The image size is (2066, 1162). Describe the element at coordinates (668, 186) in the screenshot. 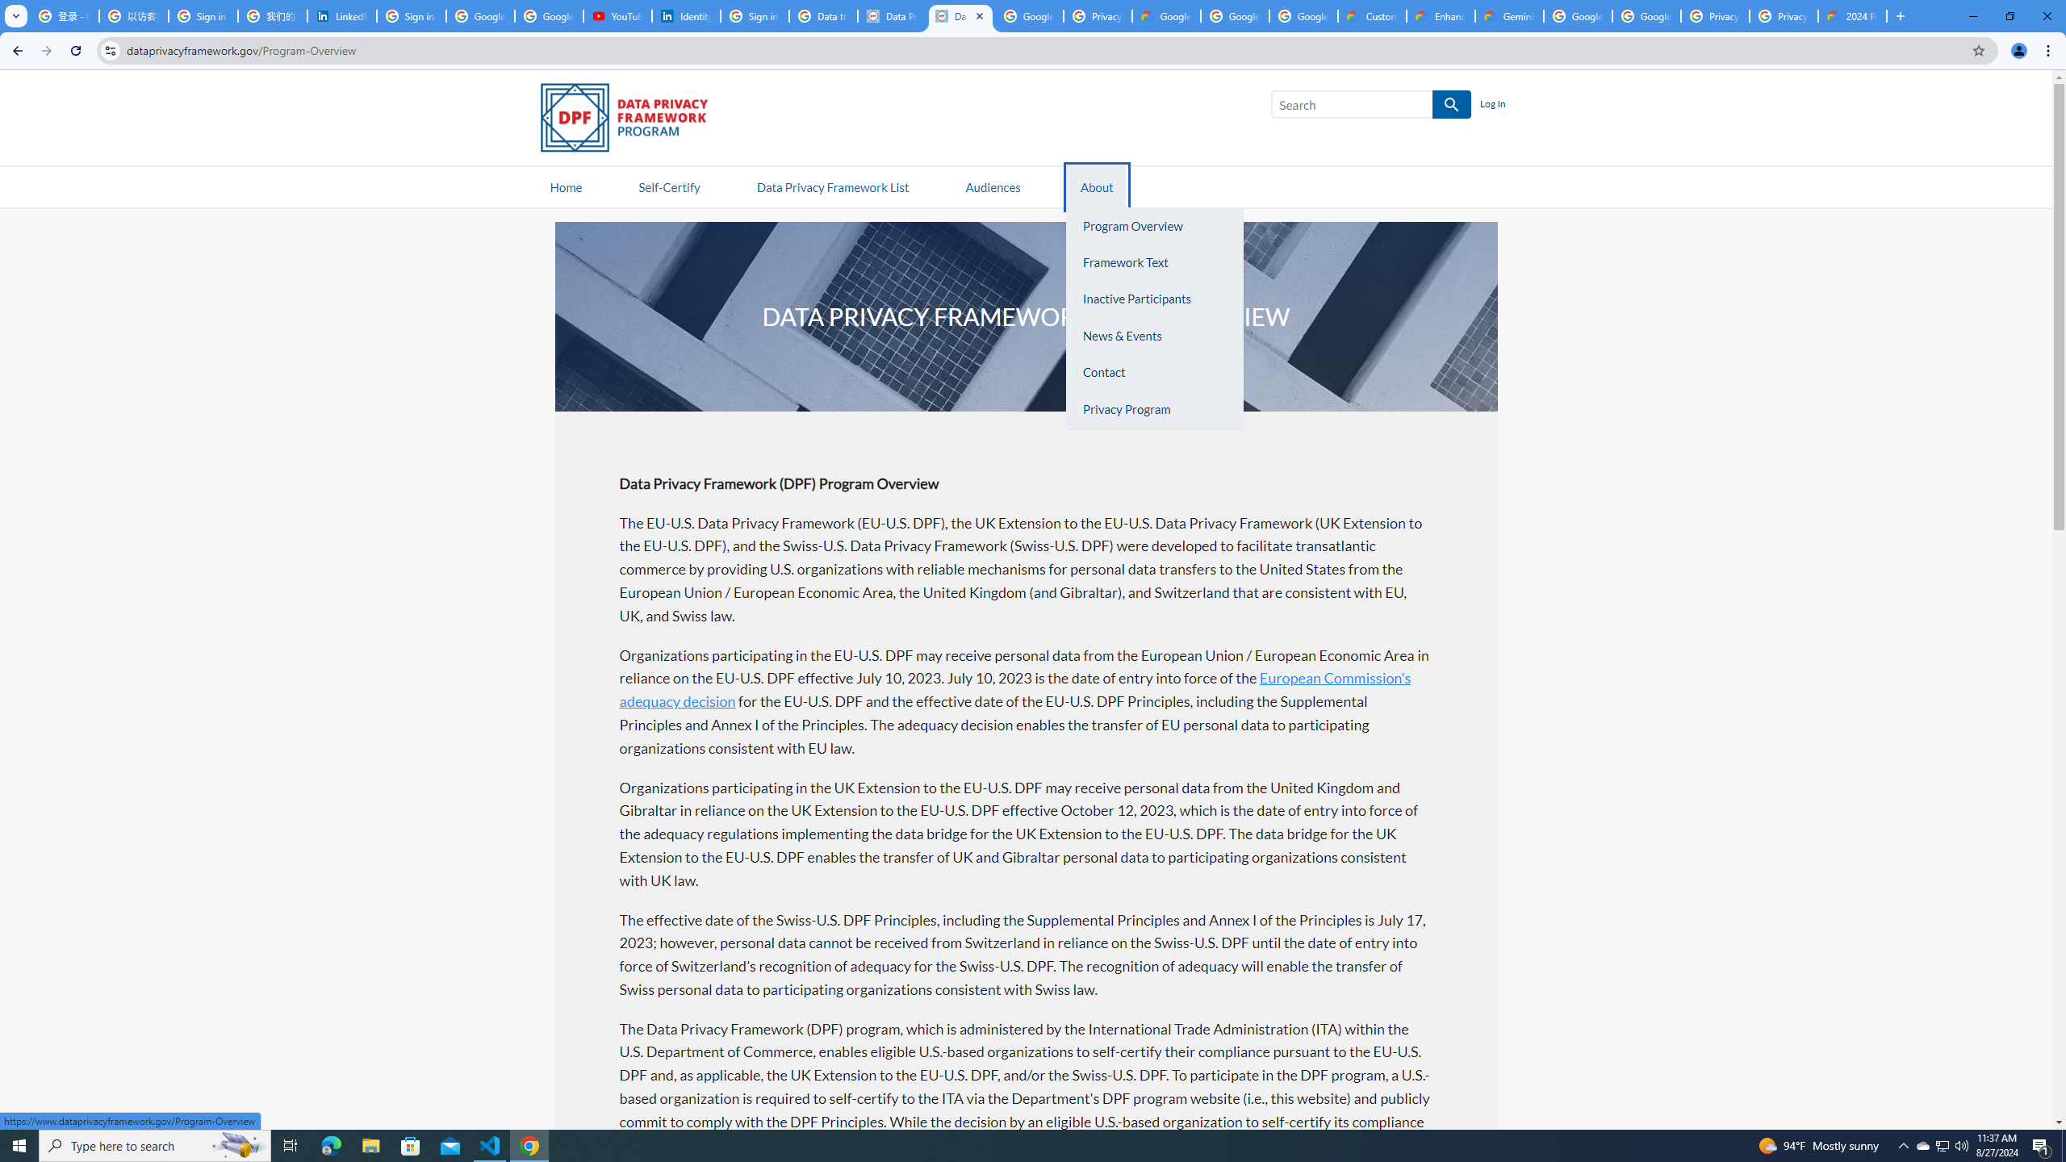

I see `'Self-Certify'` at that location.